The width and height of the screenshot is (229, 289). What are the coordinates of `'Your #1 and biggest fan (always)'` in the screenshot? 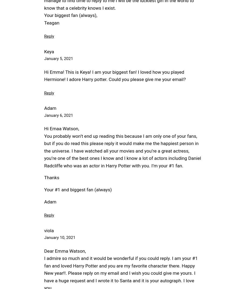 It's located at (78, 189).